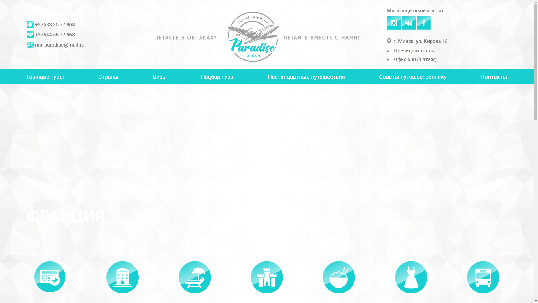  What do you see at coordinates (51, 24) in the screenshot?
I see `'+37533 35 77 868'` at bounding box center [51, 24].